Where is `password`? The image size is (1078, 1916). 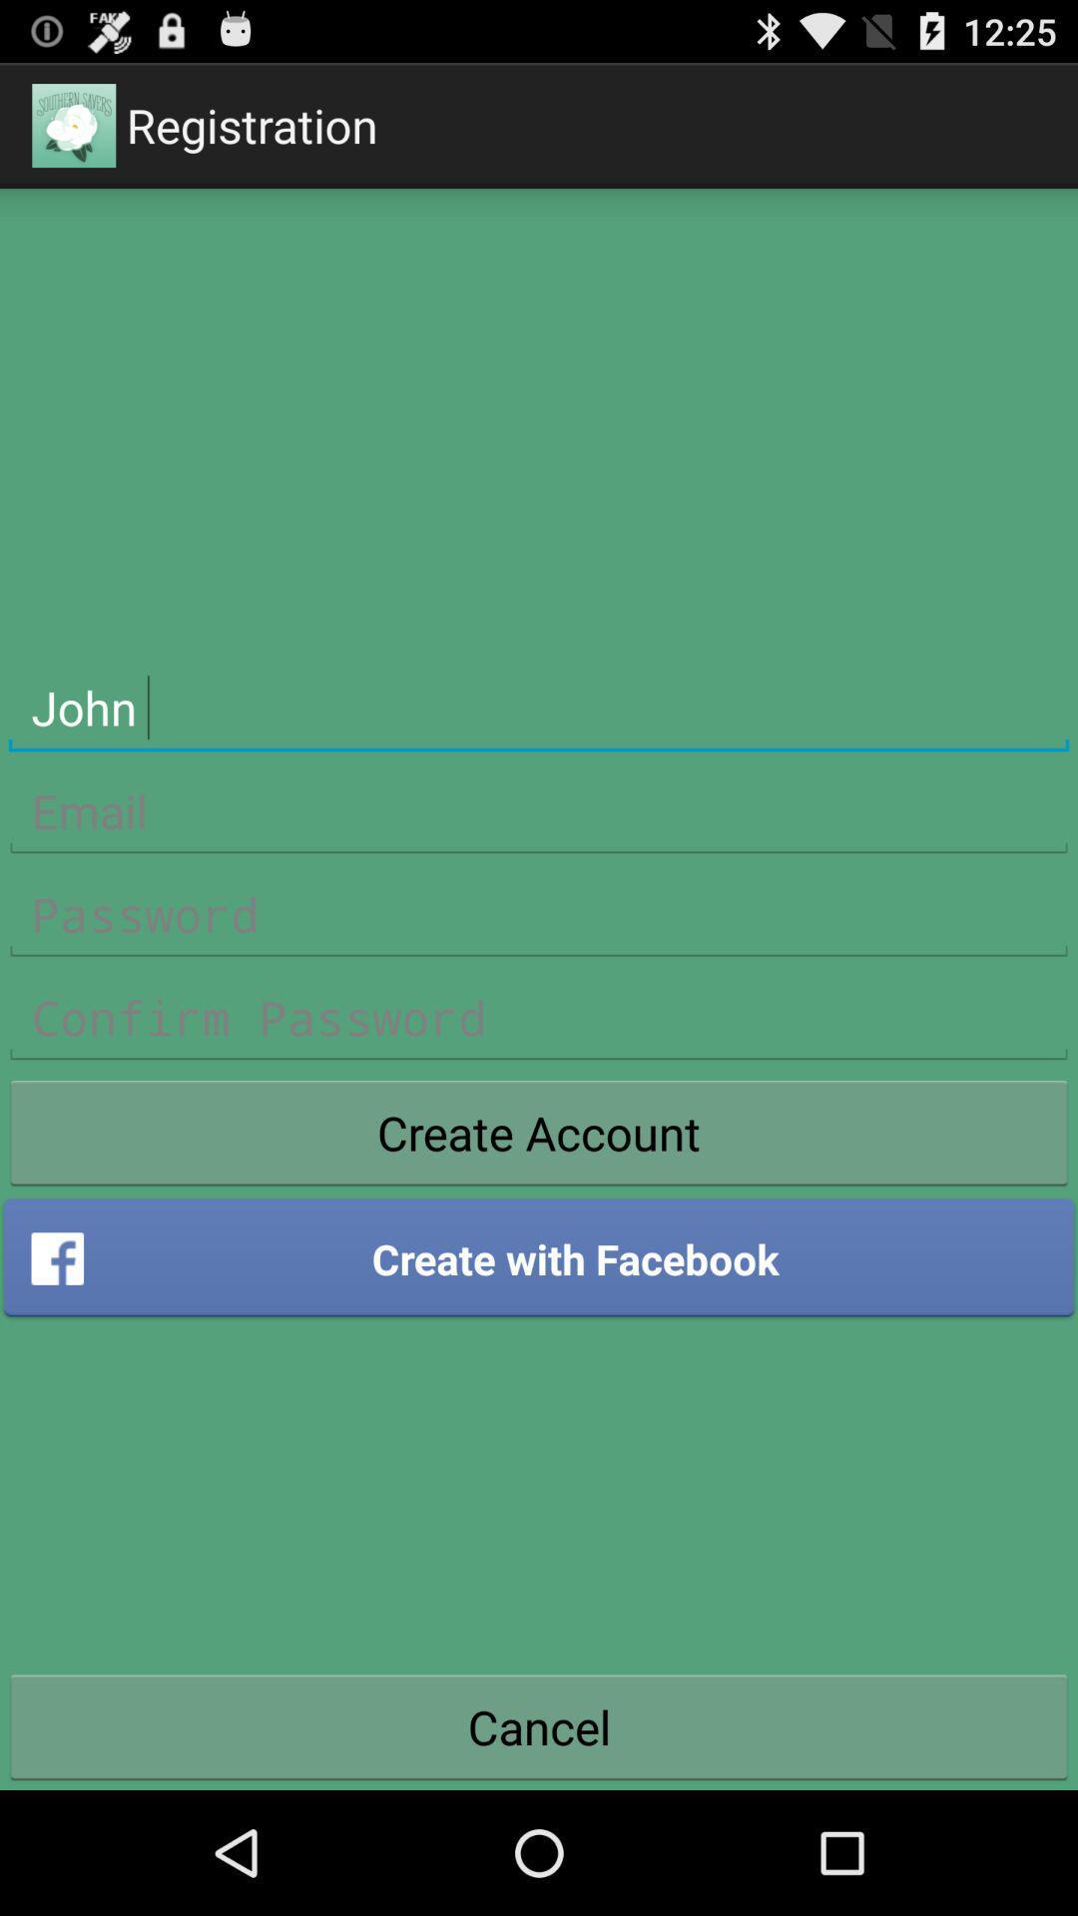 password is located at coordinates (539, 914).